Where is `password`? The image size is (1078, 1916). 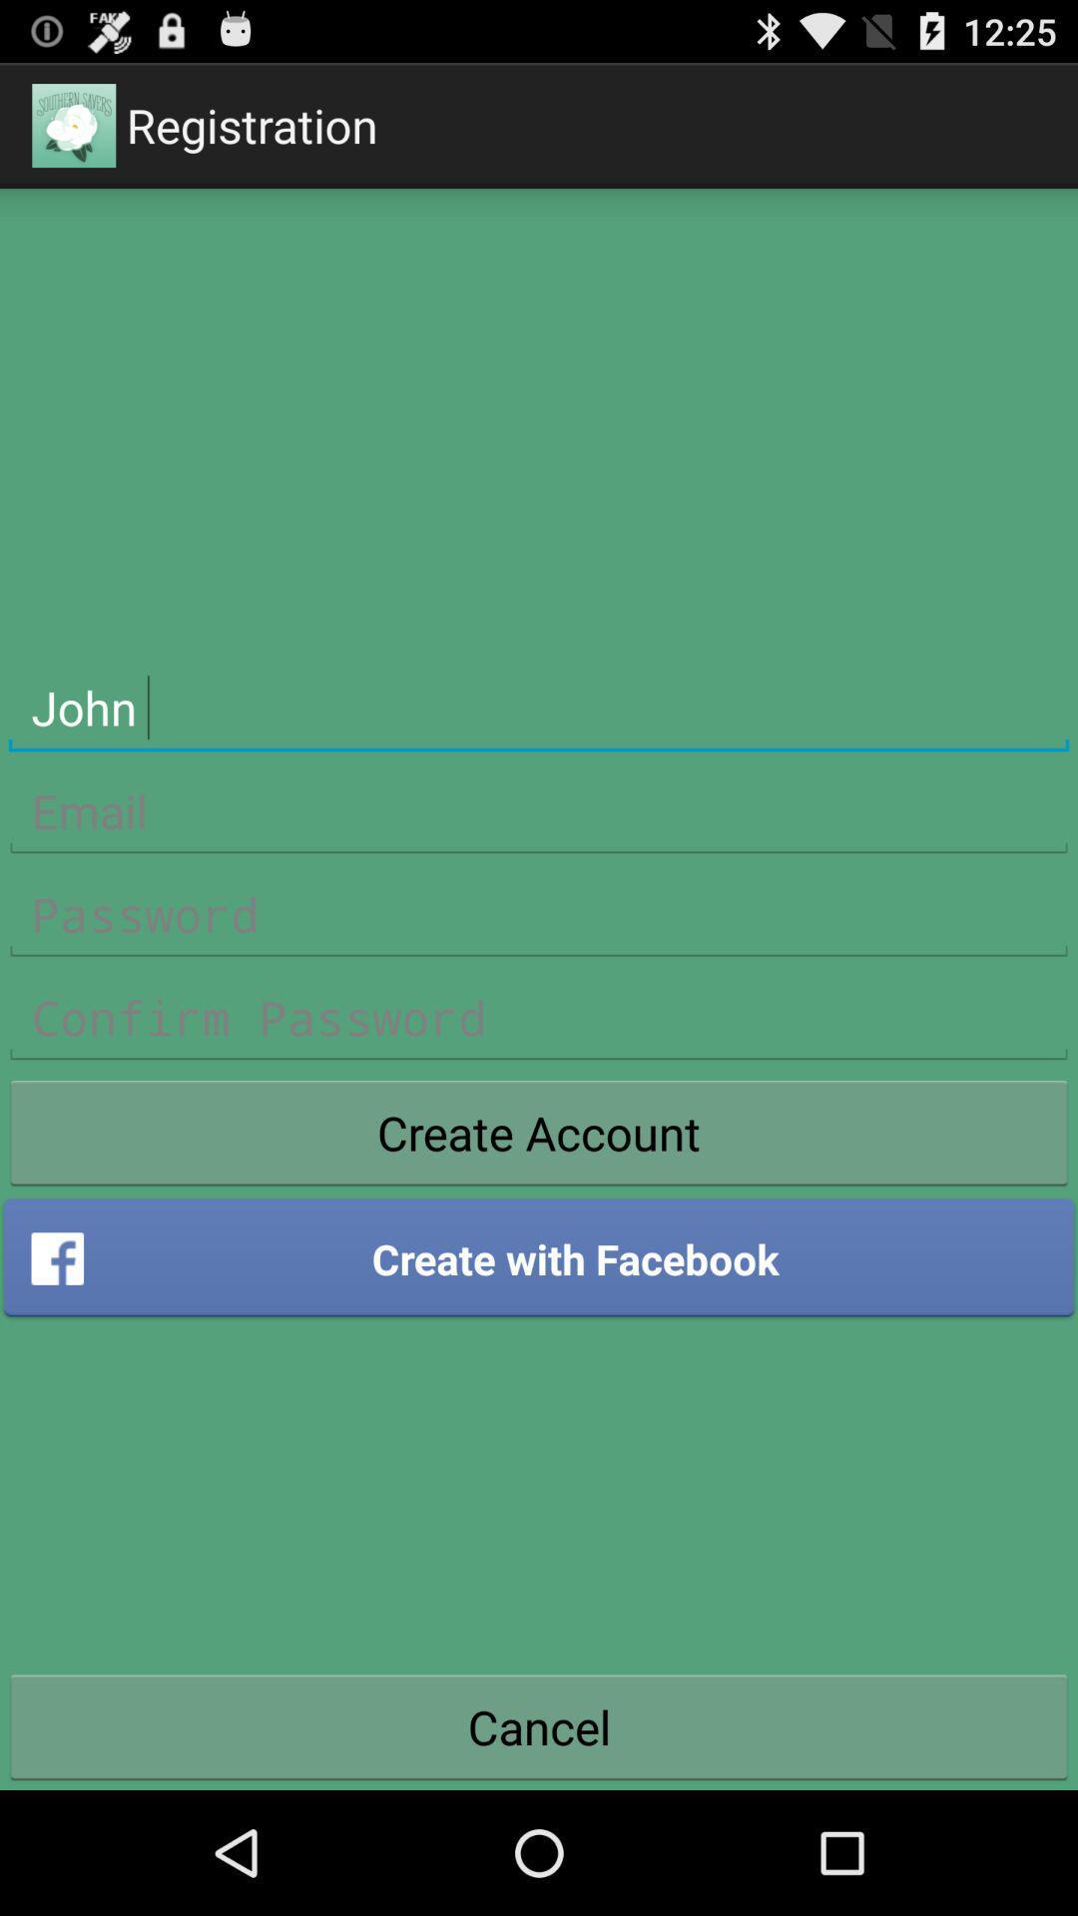 password is located at coordinates (539, 914).